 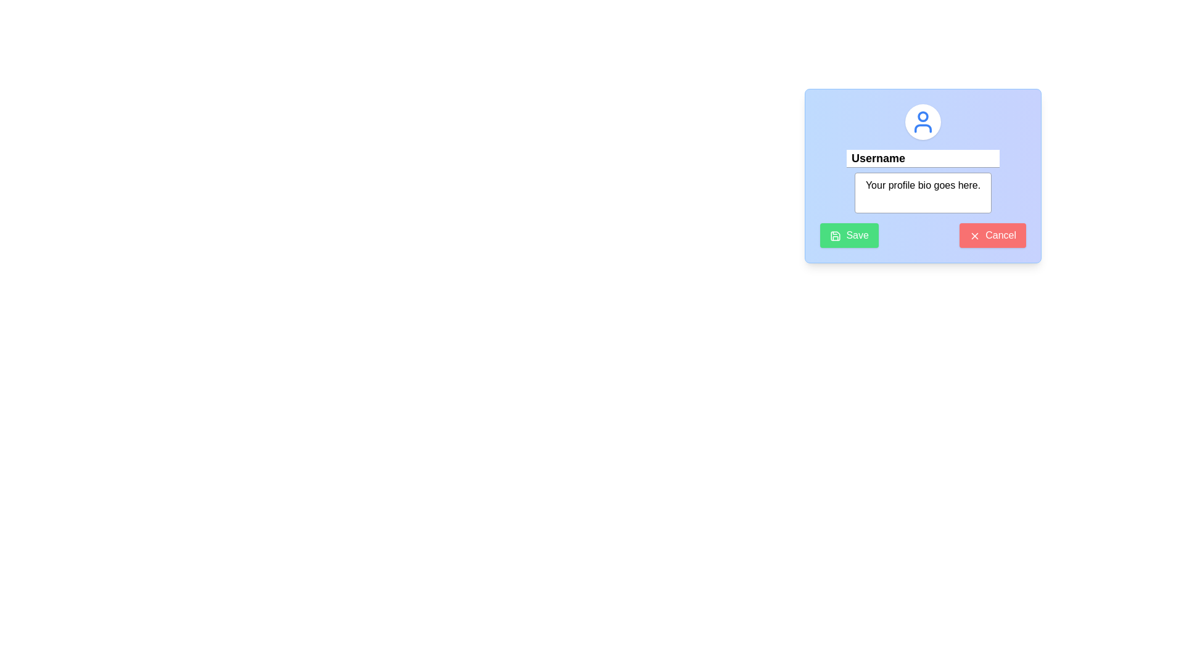 What do you see at coordinates (992, 235) in the screenshot?
I see `the red 'Cancel' button with a cross icon on its left side` at bounding box center [992, 235].